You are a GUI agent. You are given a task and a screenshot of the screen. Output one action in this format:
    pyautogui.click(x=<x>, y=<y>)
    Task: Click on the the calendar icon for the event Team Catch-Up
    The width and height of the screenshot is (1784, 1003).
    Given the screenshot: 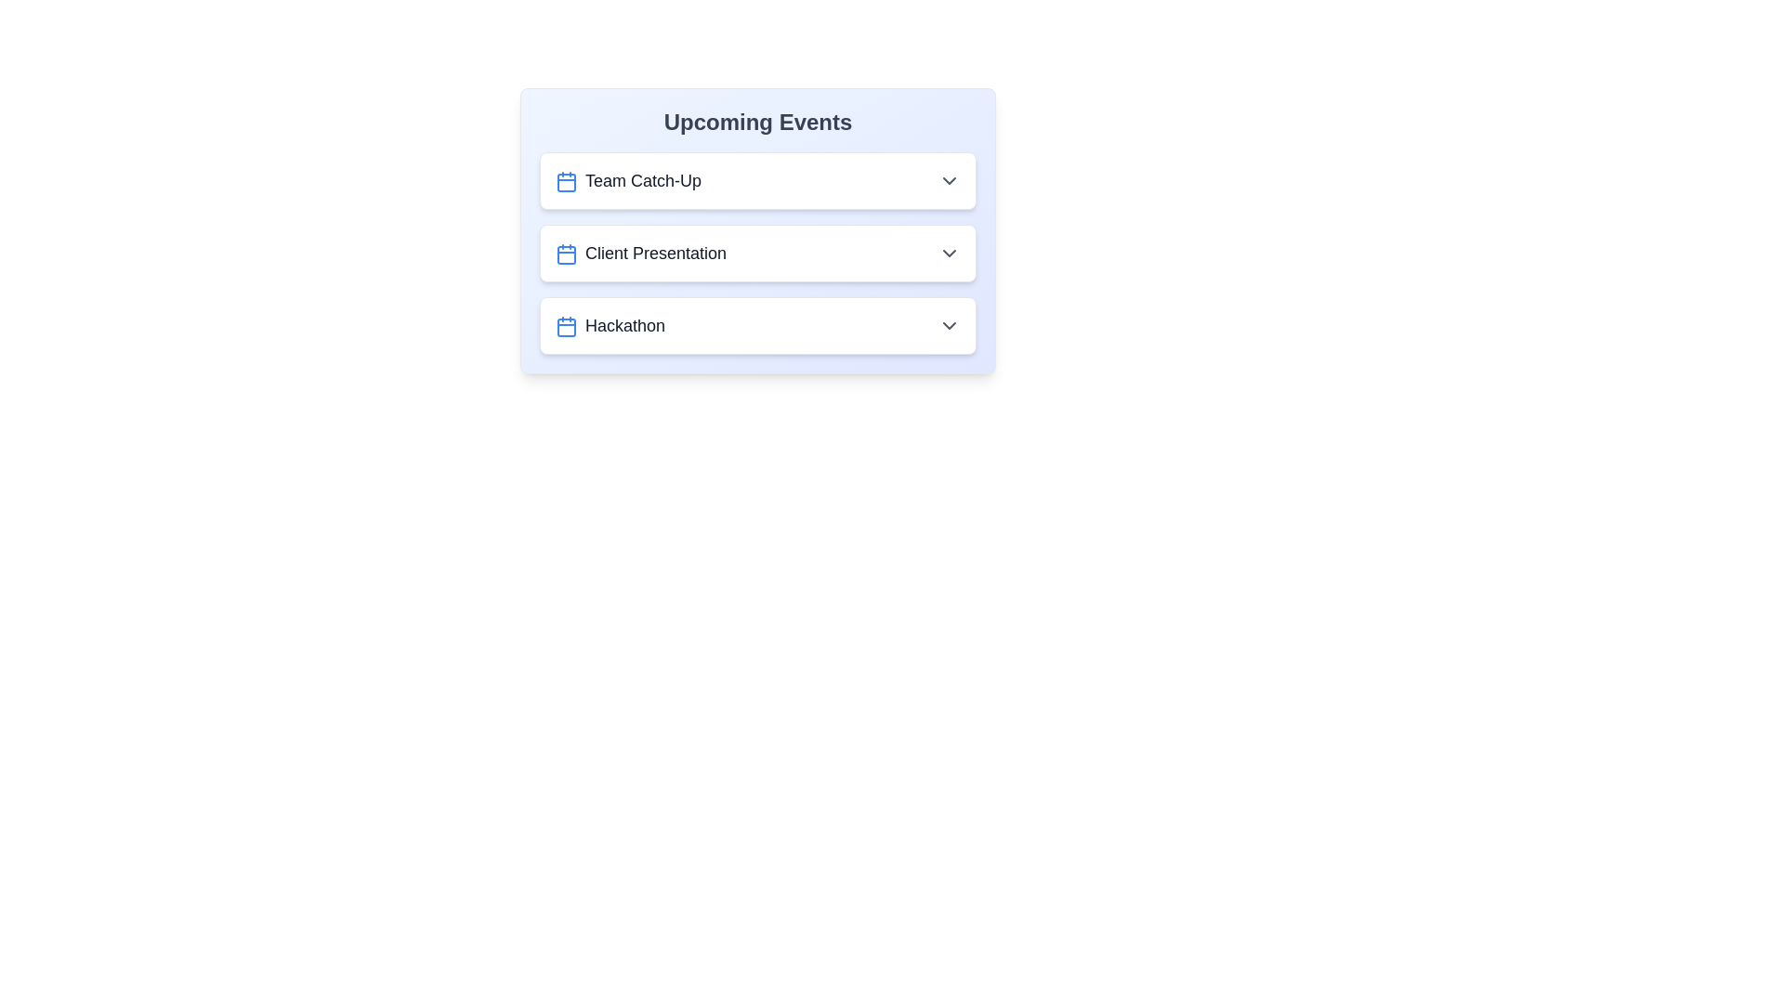 What is the action you would take?
    pyautogui.click(x=565, y=182)
    